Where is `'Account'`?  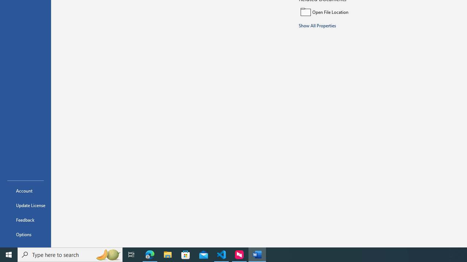
'Account' is located at coordinates (25, 190).